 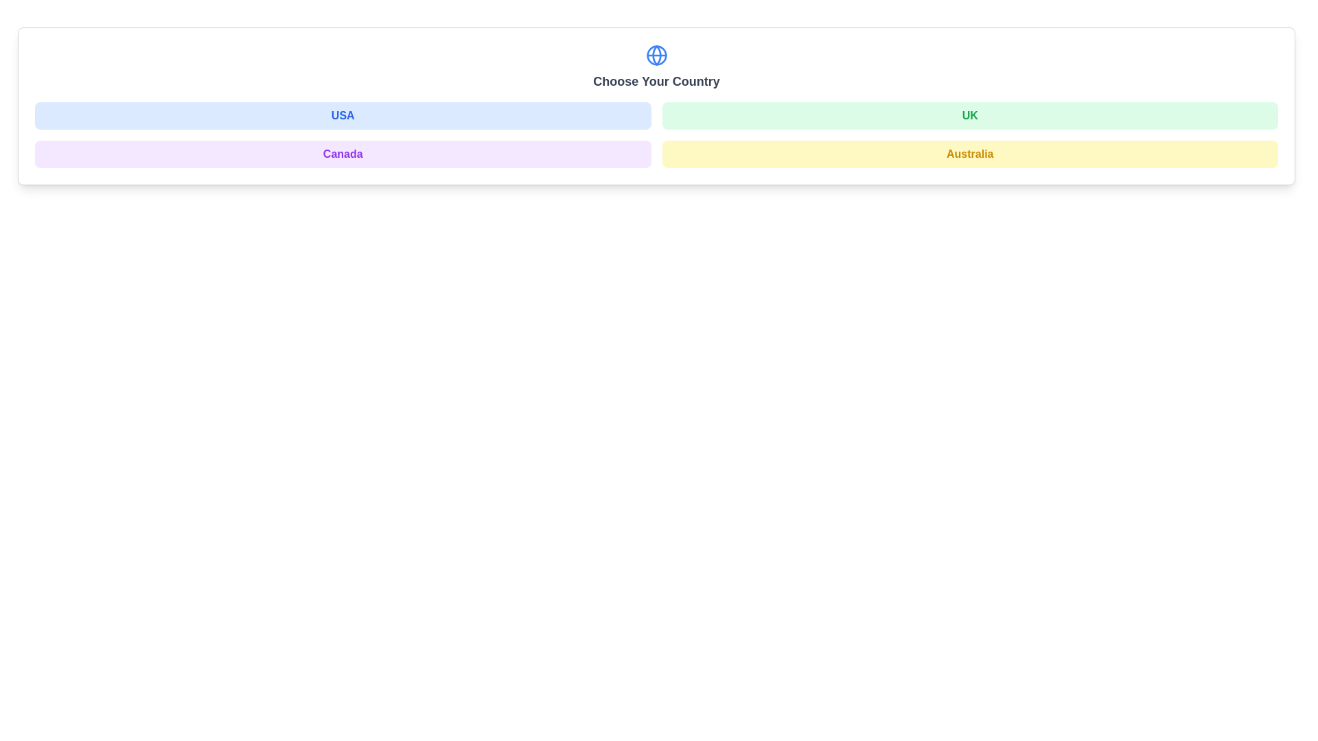 What do you see at coordinates (656, 73) in the screenshot?
I see `the header element with the blue globe icon and the text 'Choose Your Country' located at the top center of a card` at bounding box center [656, 73].